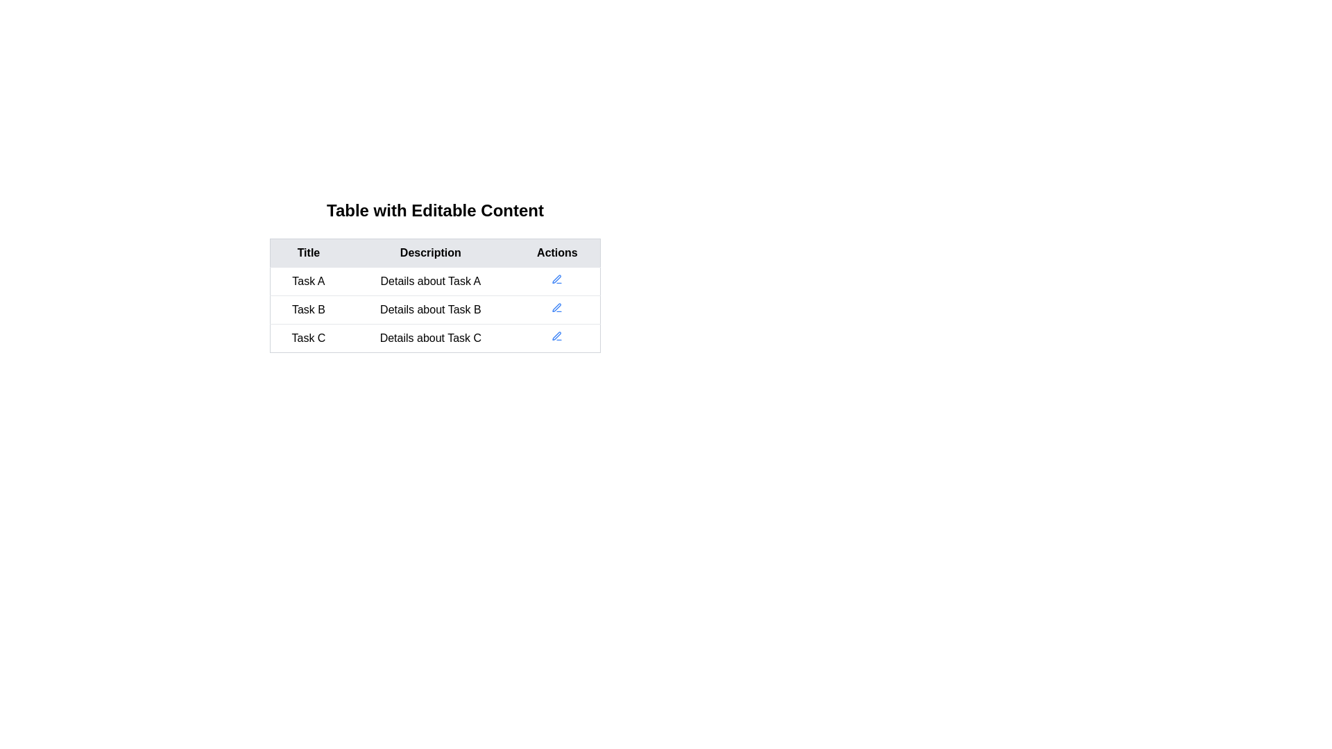 The width and height of the screenshot is (1332, 749). What do you see at coordinates (557, 279) in the screenshot?
I see `the pen-like icon in the 'Actions' column of the table row corresponding to 'Task A' to initiate editing` at bounding box center [557, 279].